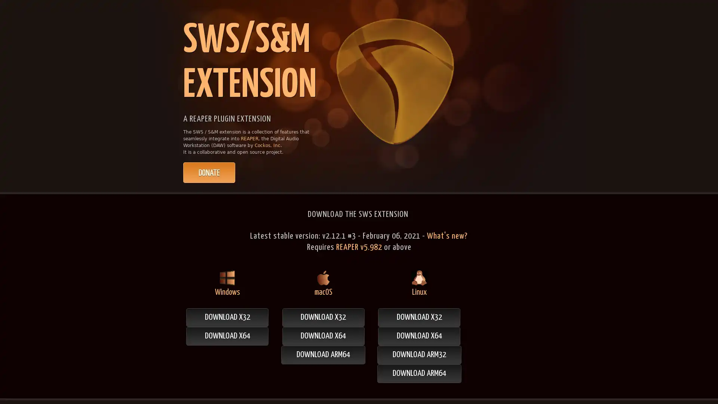 This screenshot has height=404, width=718. Describe the element at coordinates (478, 374) in the screenshot. I see `DOWNLOAD ARM64` at that location.